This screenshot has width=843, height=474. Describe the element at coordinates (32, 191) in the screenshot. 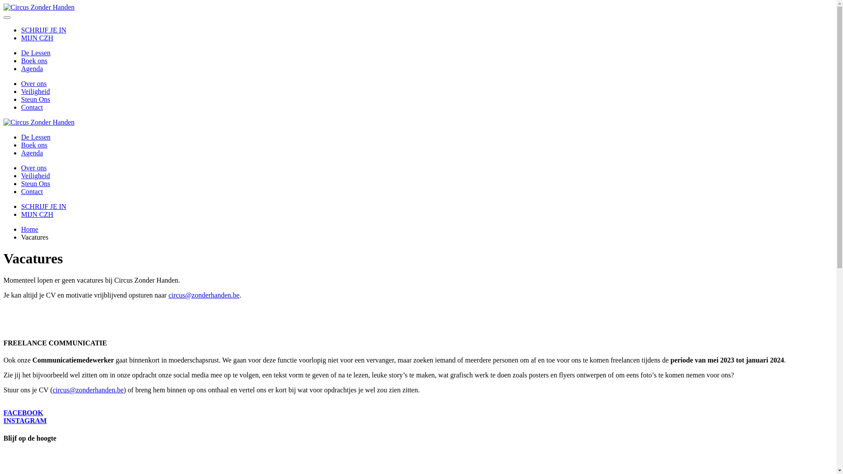

I see `'Contact'` at that location.